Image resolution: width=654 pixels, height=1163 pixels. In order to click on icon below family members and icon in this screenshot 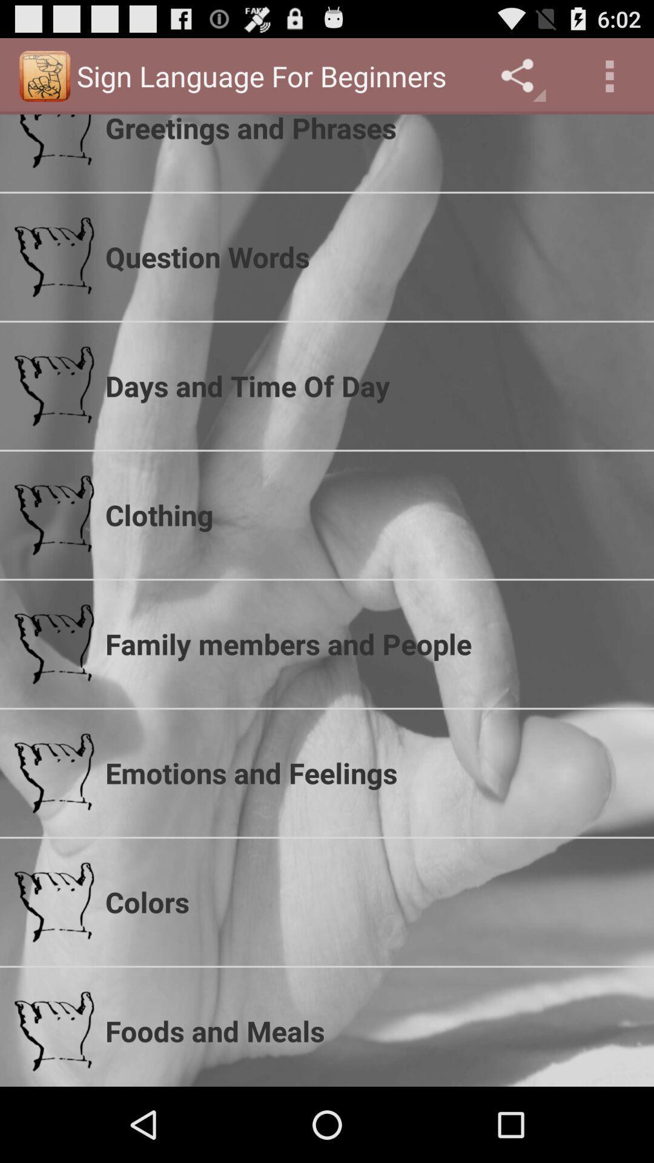, I will do `click(371, 772)`.